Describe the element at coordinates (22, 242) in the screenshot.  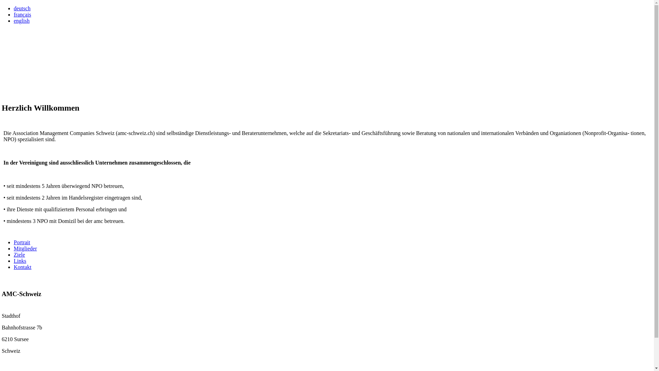
I see `'Portrait'` at that location.